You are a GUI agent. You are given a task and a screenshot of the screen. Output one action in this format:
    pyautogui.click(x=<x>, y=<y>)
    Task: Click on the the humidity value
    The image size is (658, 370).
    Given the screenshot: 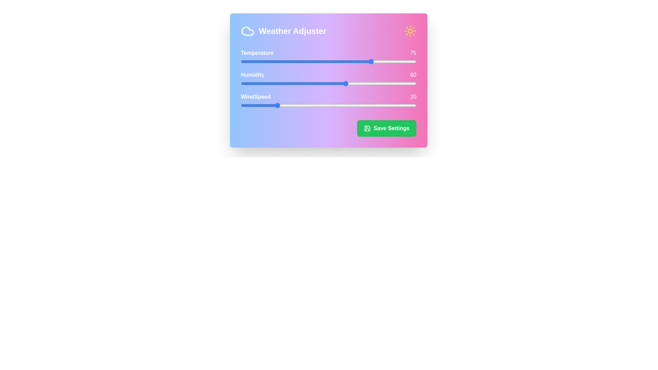 What is the action you would take?
    pyautogui.click(x=363, y=83)
    